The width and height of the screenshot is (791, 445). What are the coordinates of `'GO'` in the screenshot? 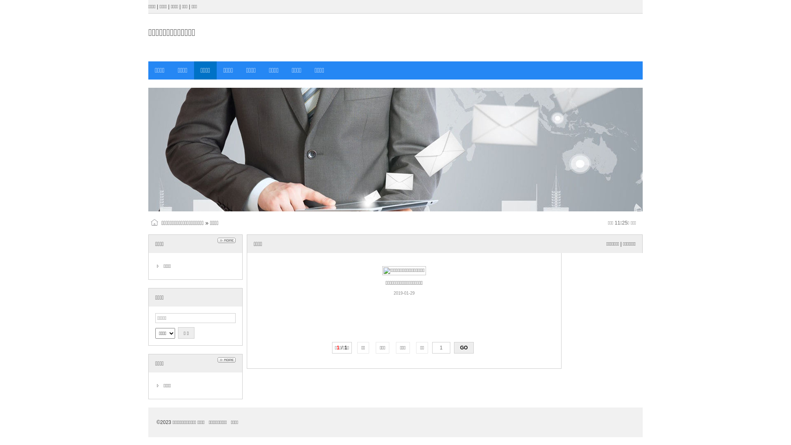 It's located at (464, 348).